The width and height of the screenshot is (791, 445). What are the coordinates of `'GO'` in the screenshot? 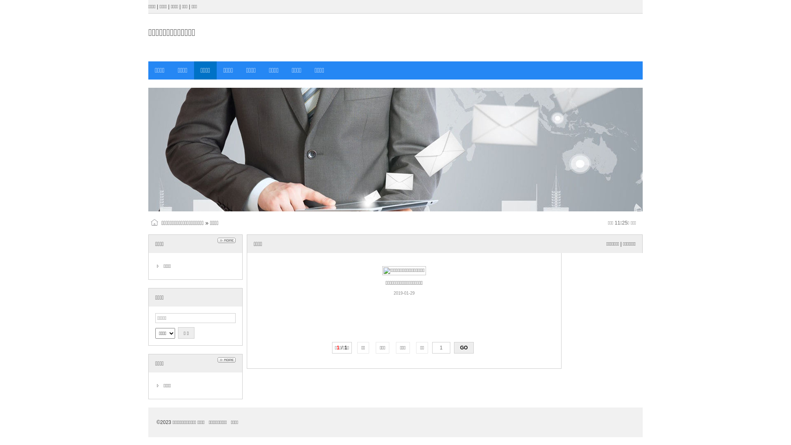 It's located at (464, 348).